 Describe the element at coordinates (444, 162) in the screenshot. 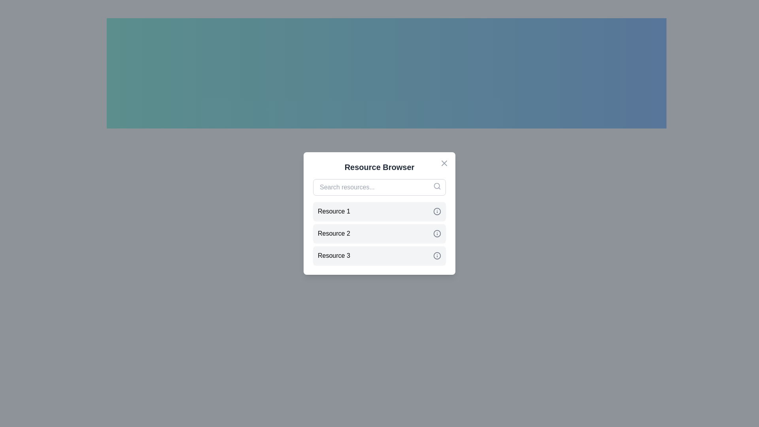

I see `the close button located at the top-right corner of the white dialog box` at that location.